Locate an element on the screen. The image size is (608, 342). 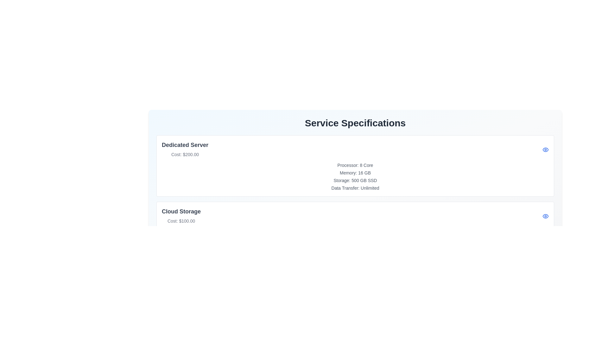
the second item in the specifications list labeled '16 GB' under the 'Dedicated Server' section is located at coordinates (355, 173).